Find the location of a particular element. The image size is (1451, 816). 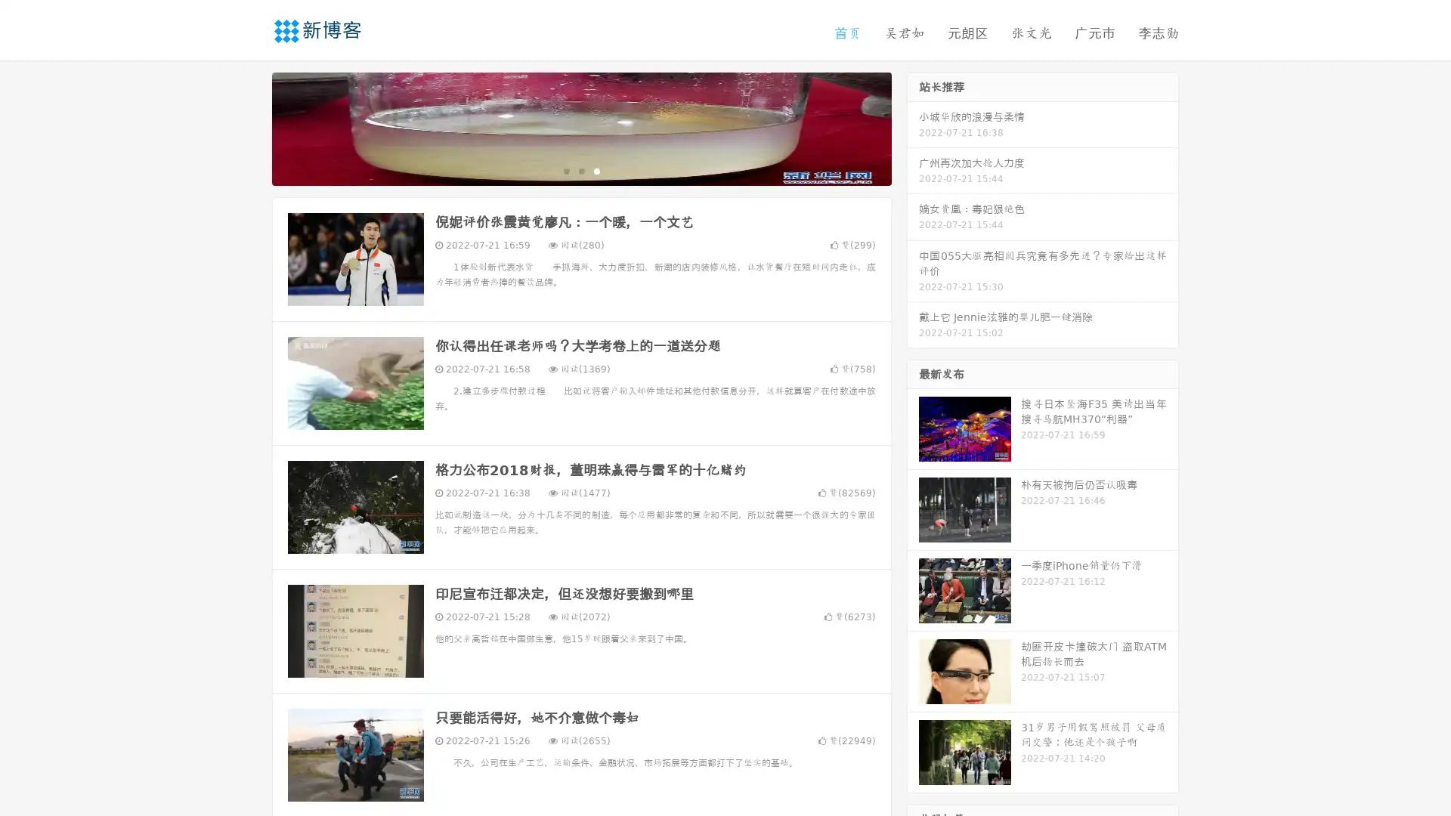

Go to slide 1 is located at coordinates (565, 170).